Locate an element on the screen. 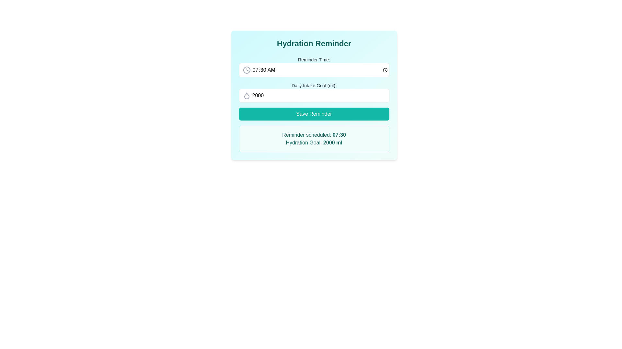 This screenshot has width=622, height=349. the circular outline of the clock icon located at the leftmost side of the Reminder Time input field is located at coordinates (246, 70).